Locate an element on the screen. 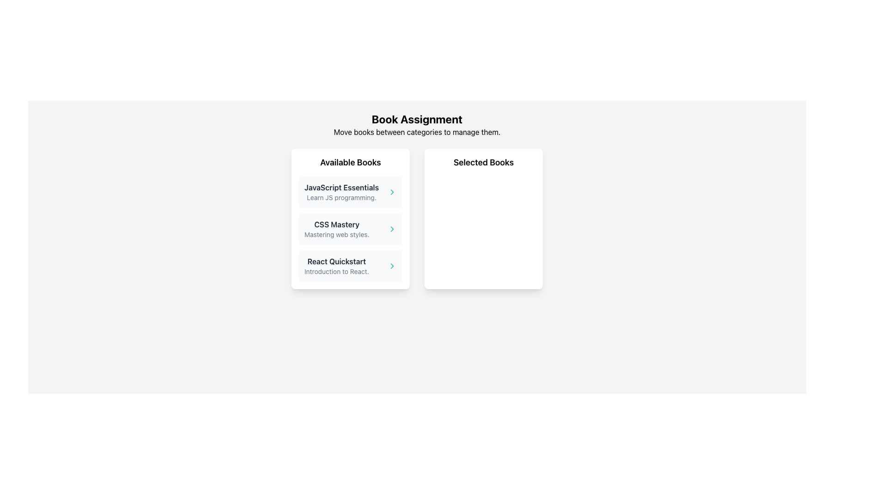  the List item card for the book titled 'CSS Mastery', which is the second card in the 'Available Books' section is located at coordinates (350, 219).